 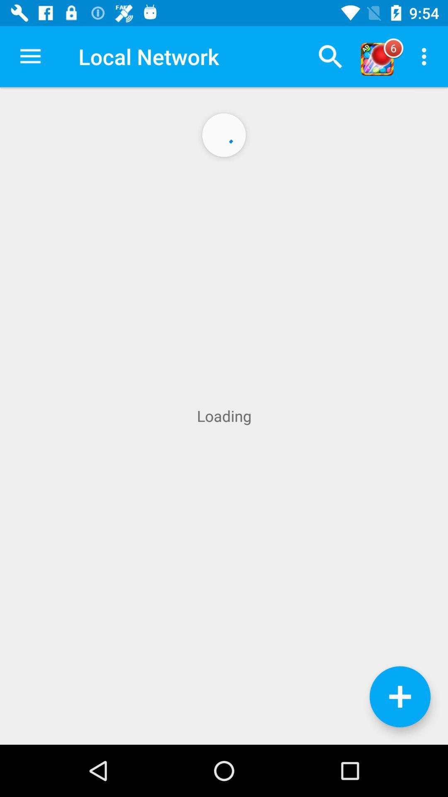 What do you see at coordinates (426, 56) in the screenshot?
I see `the item to the right of the 6 icon` at bounding box center [426, 56].